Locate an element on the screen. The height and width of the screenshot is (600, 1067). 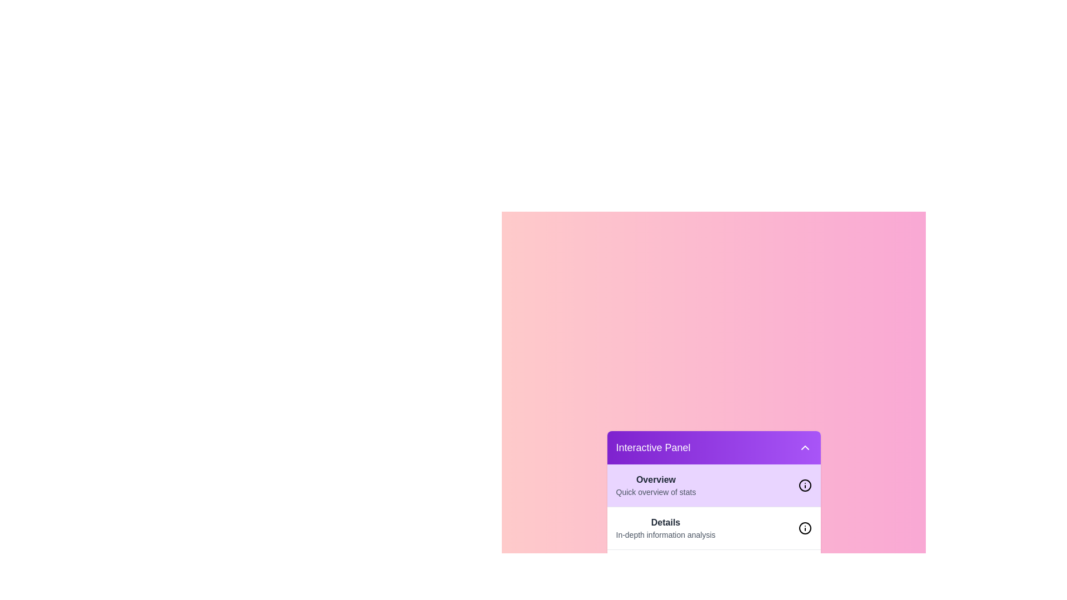
the menu item Overview from the options available is located at coordinates (656, 485).